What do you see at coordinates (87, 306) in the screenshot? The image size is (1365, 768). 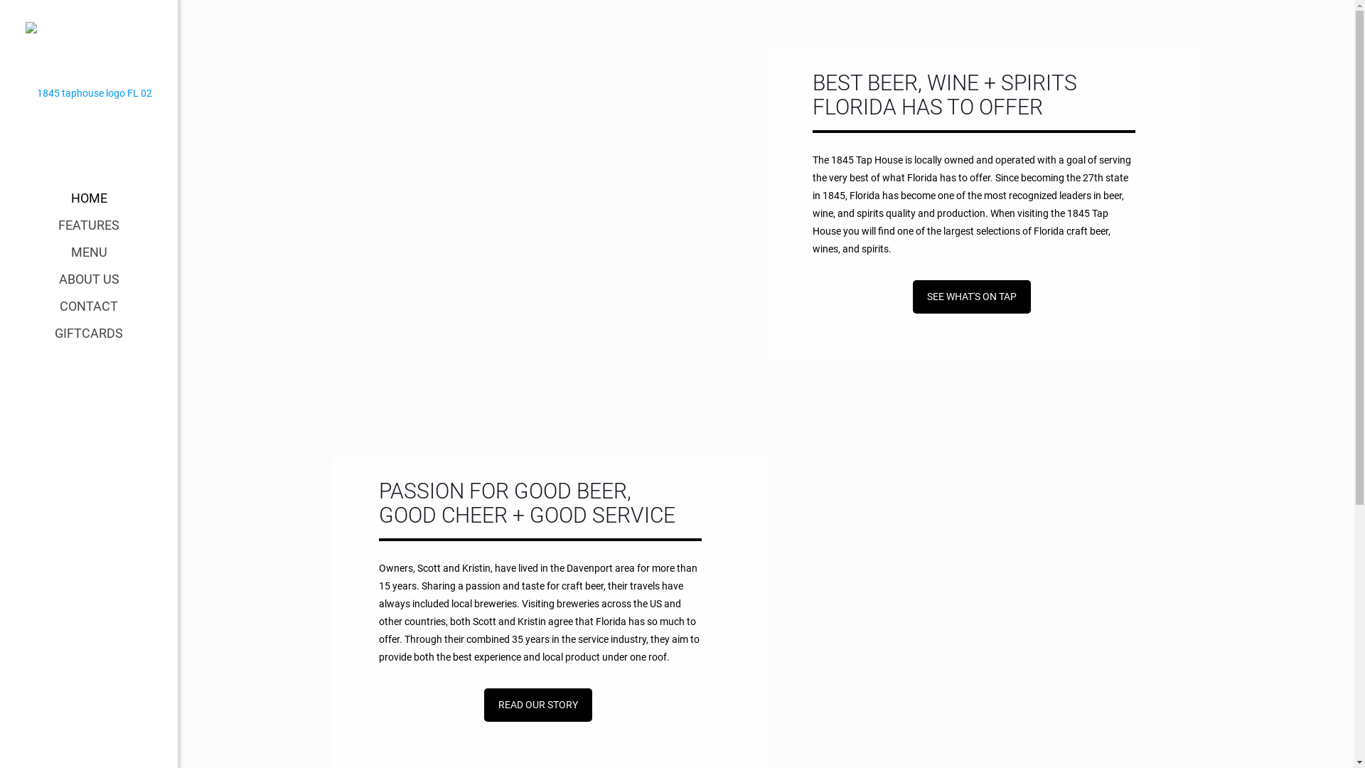 I see `'CONTACT'` at bounding box center [87, 306].